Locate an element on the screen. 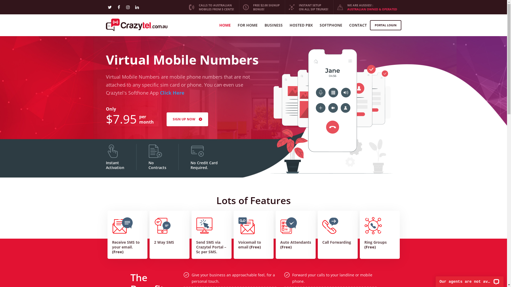  'HOSTED PBX' is located at coordinates (301, 25).